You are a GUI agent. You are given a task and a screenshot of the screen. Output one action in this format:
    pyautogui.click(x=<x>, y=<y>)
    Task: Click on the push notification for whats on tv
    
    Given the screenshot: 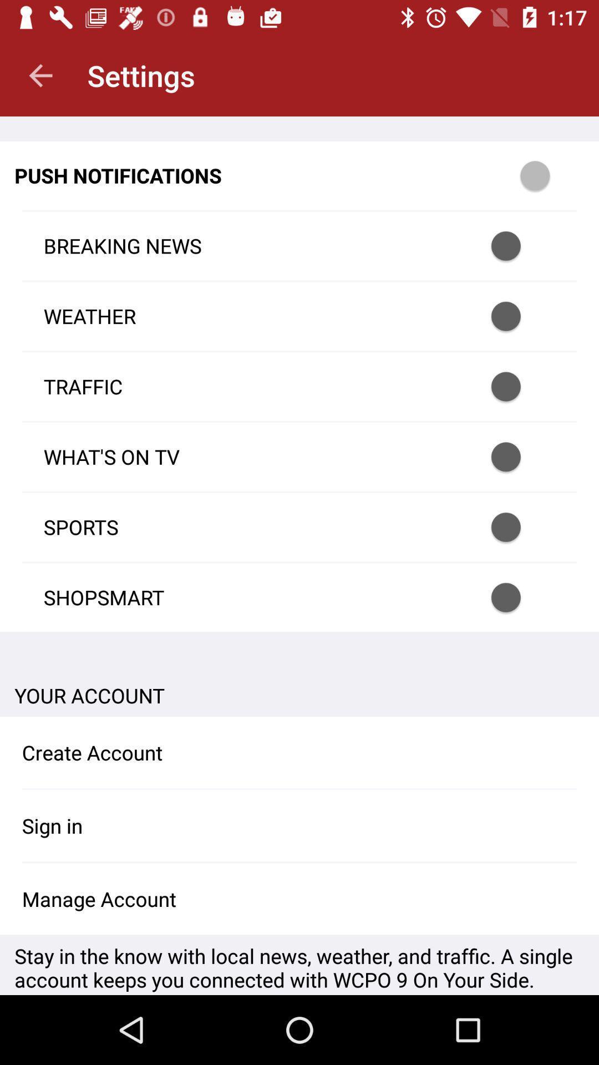 What is the action you would take?
    pyautogui.click(x=520, y=457)
    